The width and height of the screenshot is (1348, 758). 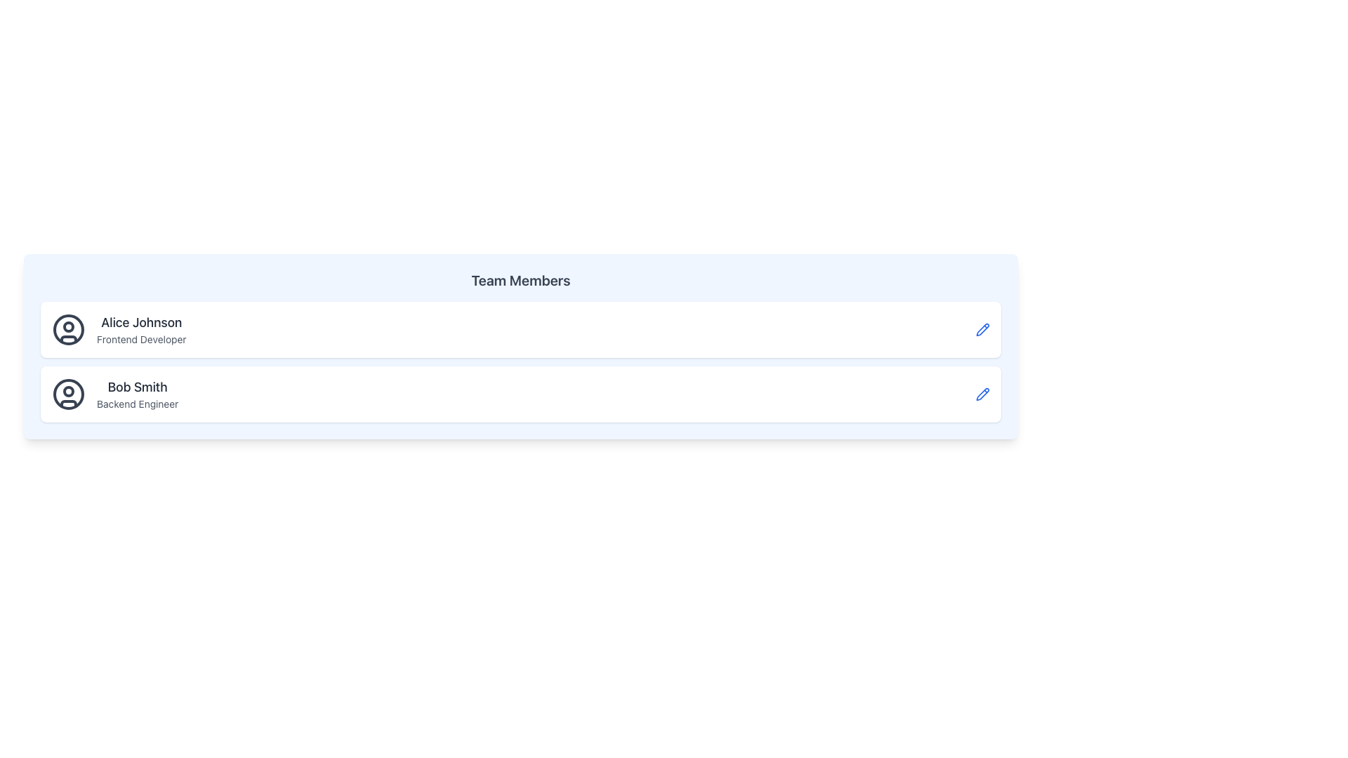 I want to click on the Text Block displaying 'Alice Johnson' and 'Frontend Developer' in the 'Team Members' panel, which is the first entry in the top row of the list, so click(x=141, y=330).